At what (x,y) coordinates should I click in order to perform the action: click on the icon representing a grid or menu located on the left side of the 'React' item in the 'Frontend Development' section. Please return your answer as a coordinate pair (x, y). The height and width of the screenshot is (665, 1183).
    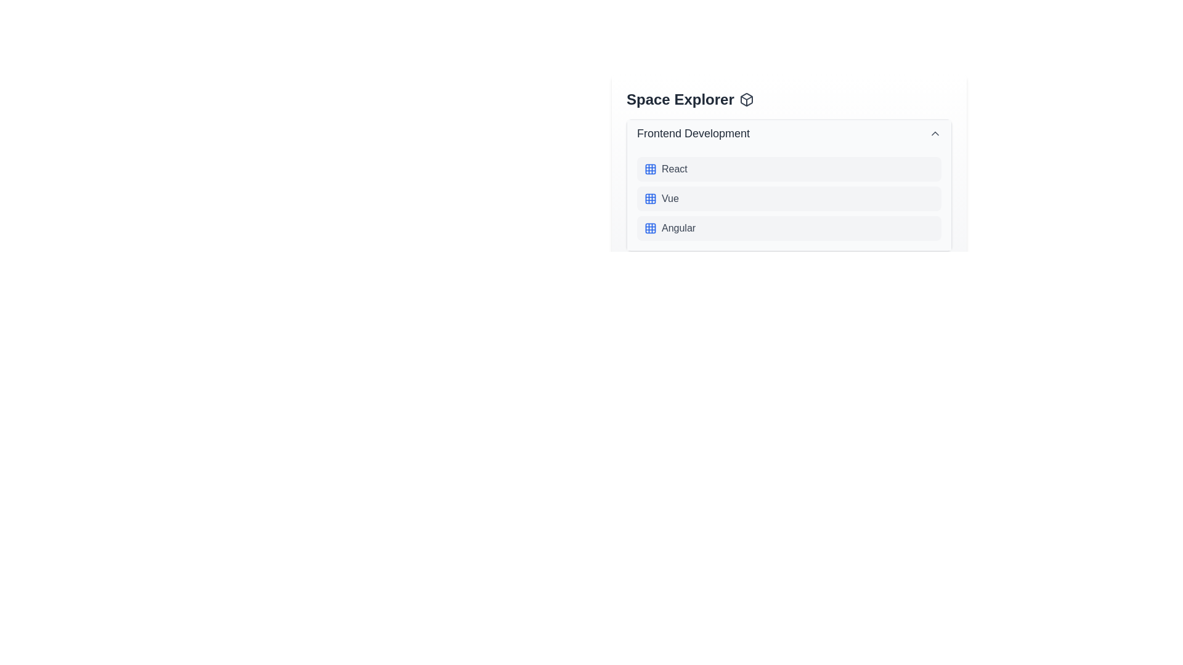
    Looking at the image, I should click on (650, 169).